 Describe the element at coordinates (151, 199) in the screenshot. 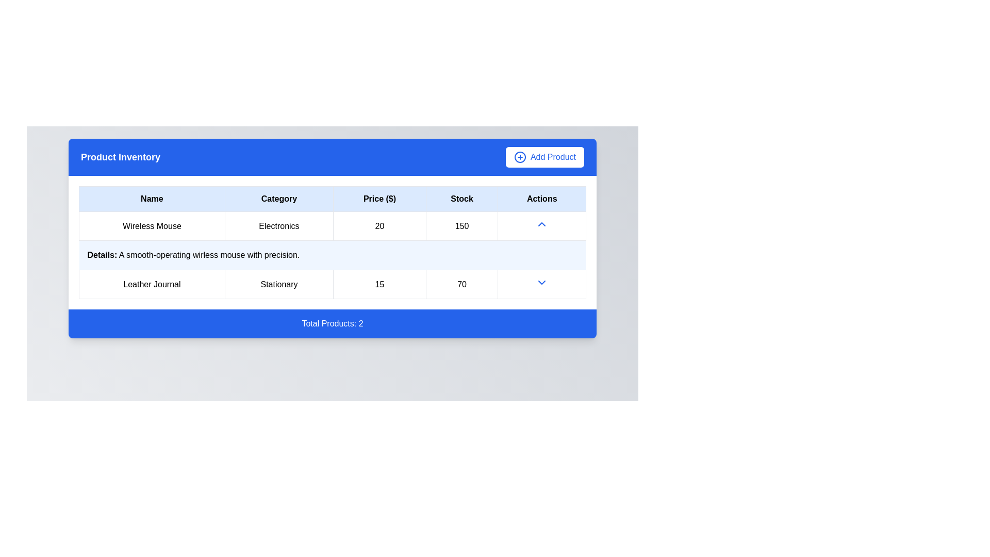

I see `the Table header cell that indicates the product names in the first column of the table under the 'Product Inventory' section` at that location.